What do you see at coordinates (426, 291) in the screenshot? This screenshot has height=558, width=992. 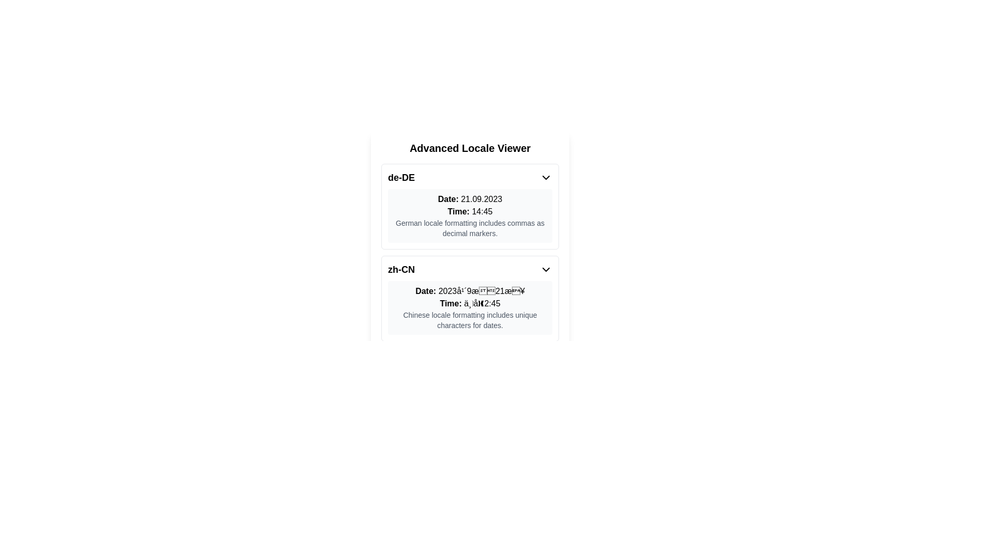 I see `the non-interactive text label located in the 'zh-CN' section, which serves as a header for the adjacent date information` at bounding box center [426, 291].